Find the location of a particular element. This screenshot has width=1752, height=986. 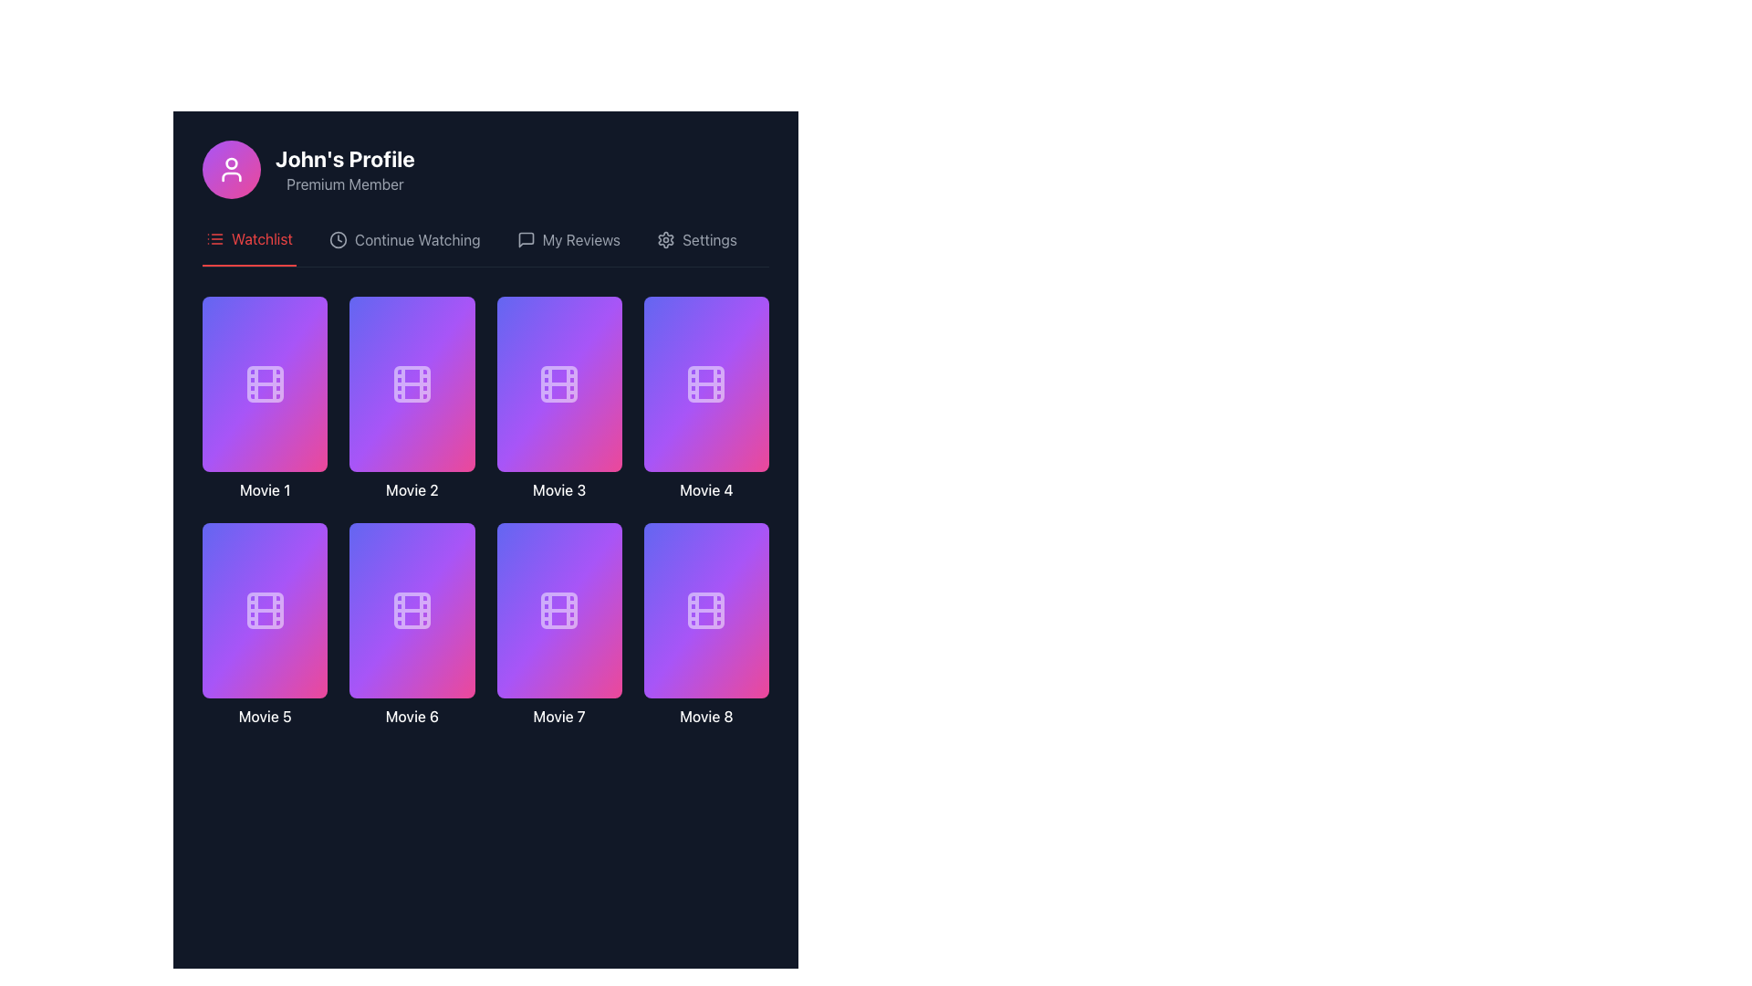

the 'Movie 3' card located in the second row, third column of the grid is located at coordinates (558, 383).